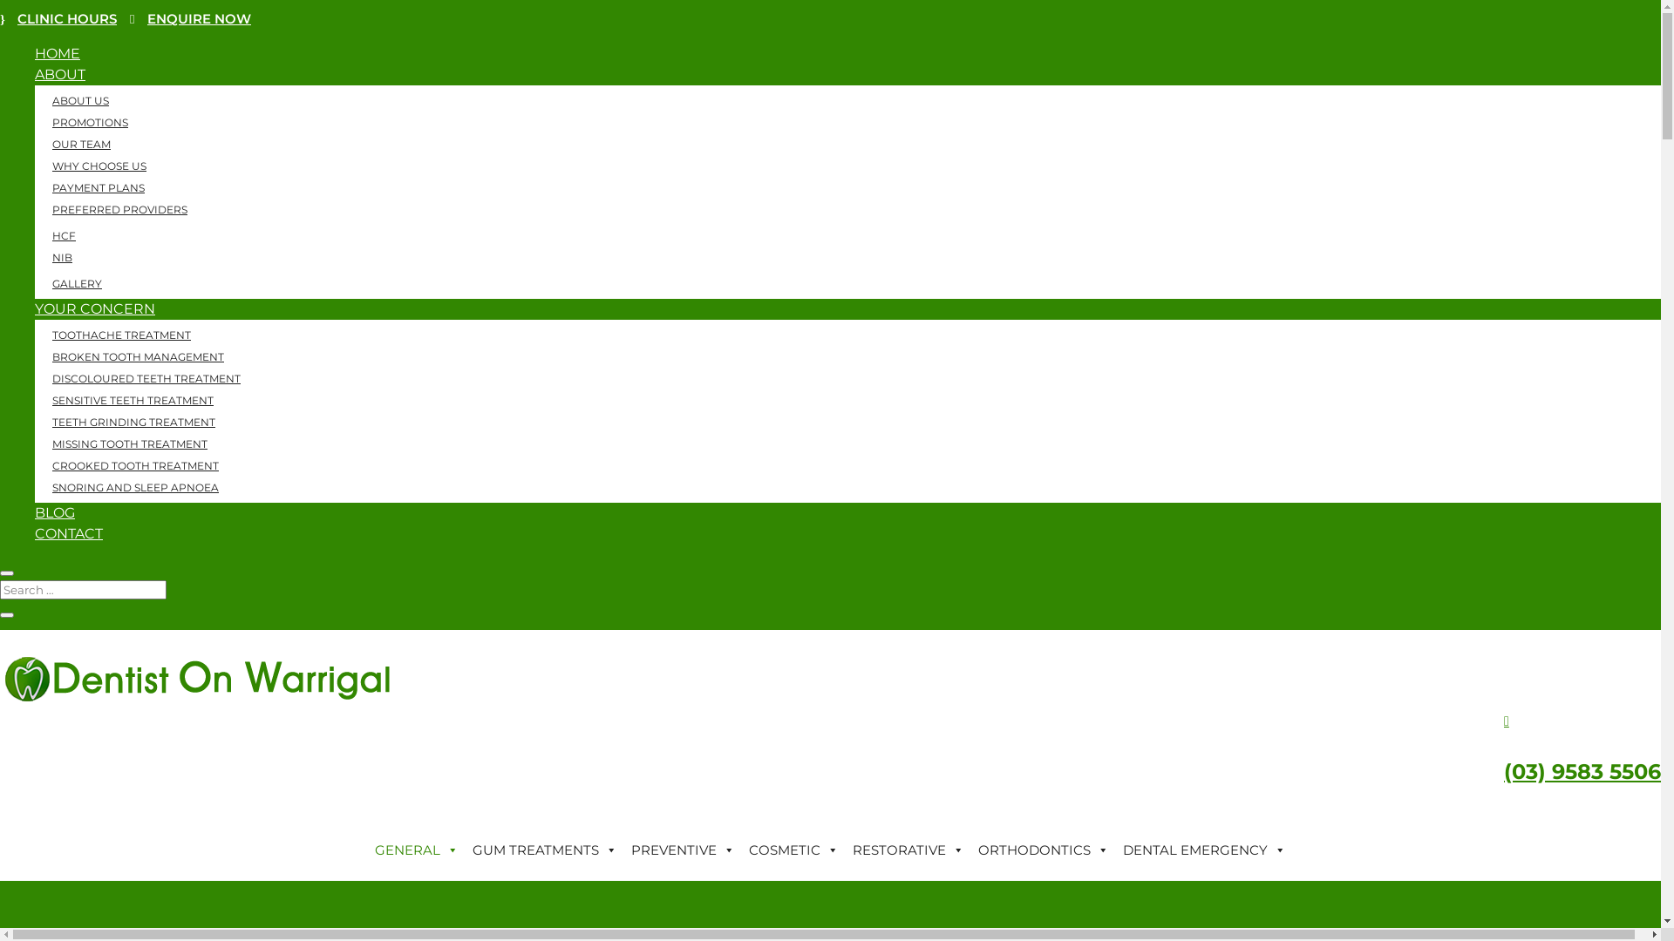  What do you see at coordinates (119, 208) in the screenshot?
I see `'PREFERRED PROVIDERS'` at bounding box center [119, 208].